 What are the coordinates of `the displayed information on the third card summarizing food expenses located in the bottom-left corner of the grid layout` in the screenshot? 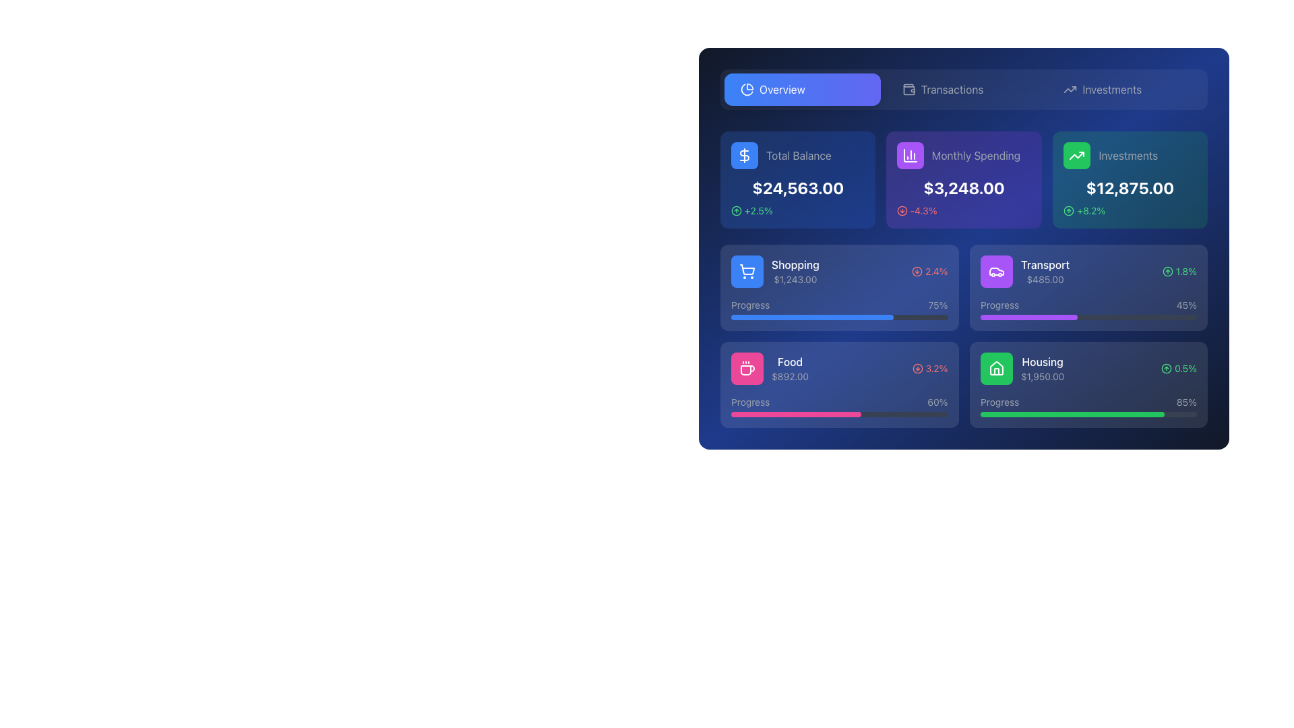 It's located at (838, 384).